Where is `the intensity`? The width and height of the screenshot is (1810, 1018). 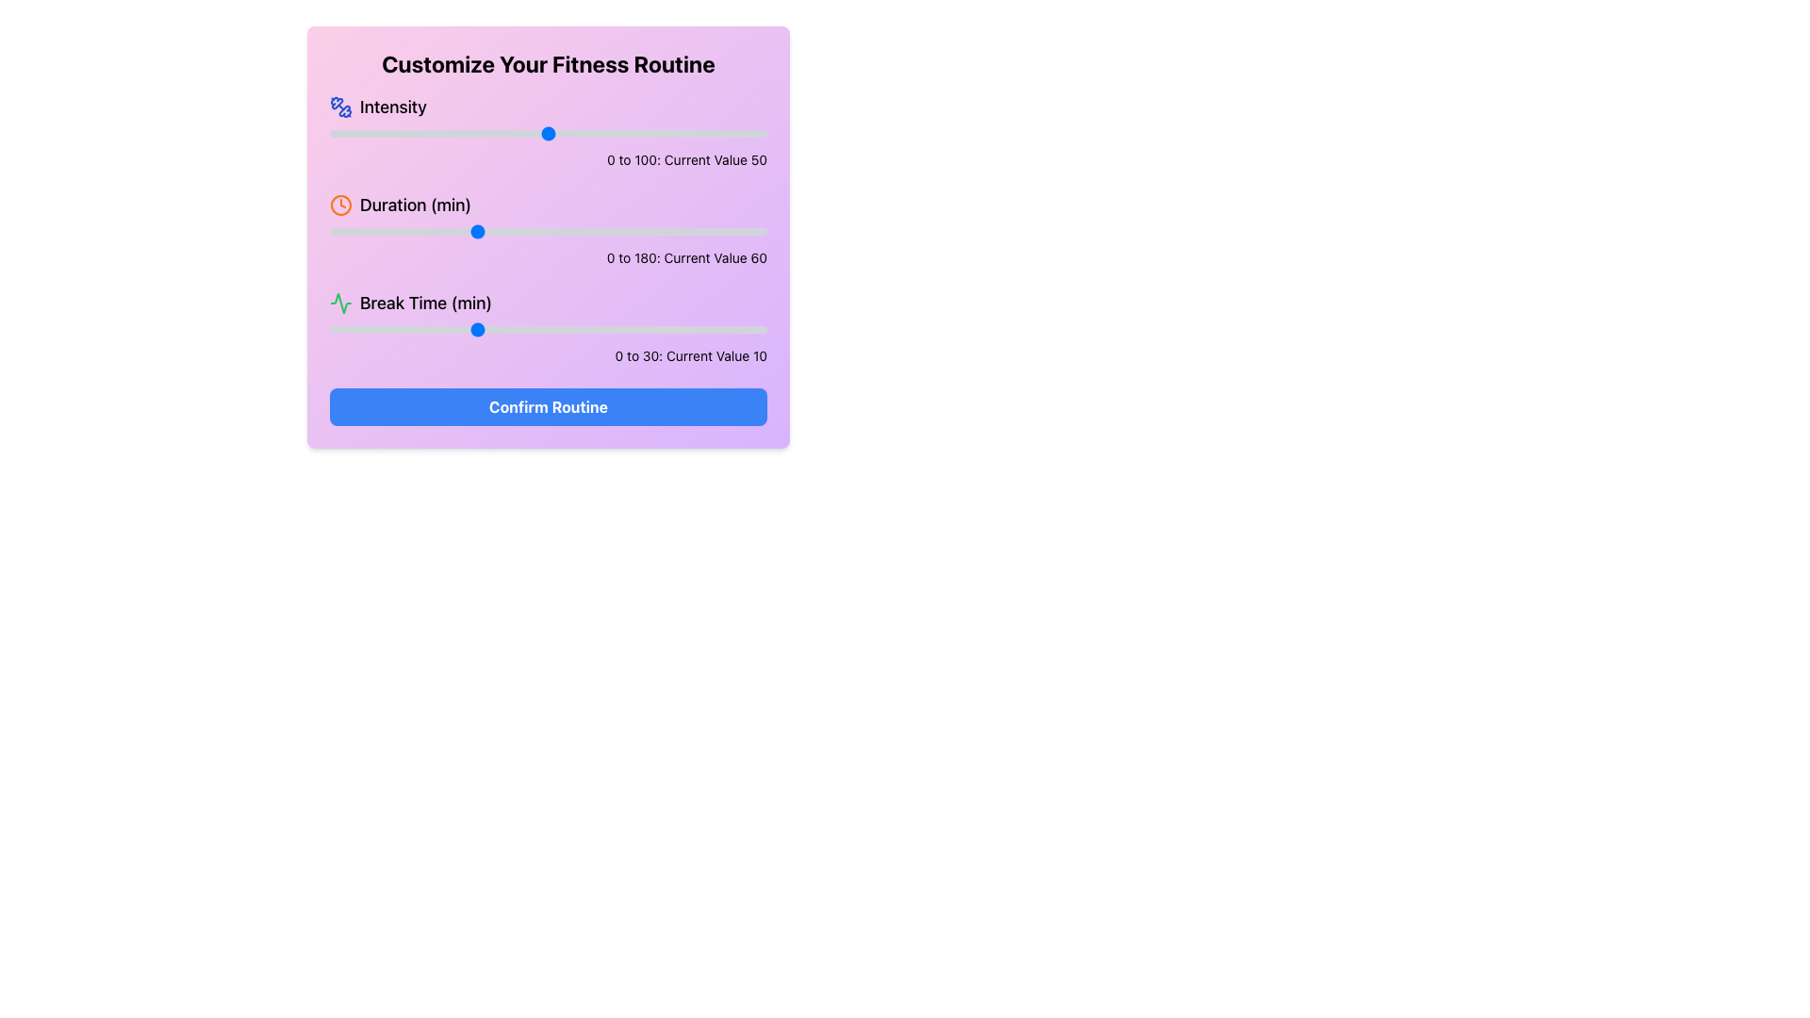
the intensity is located at coordinates (530, 133).